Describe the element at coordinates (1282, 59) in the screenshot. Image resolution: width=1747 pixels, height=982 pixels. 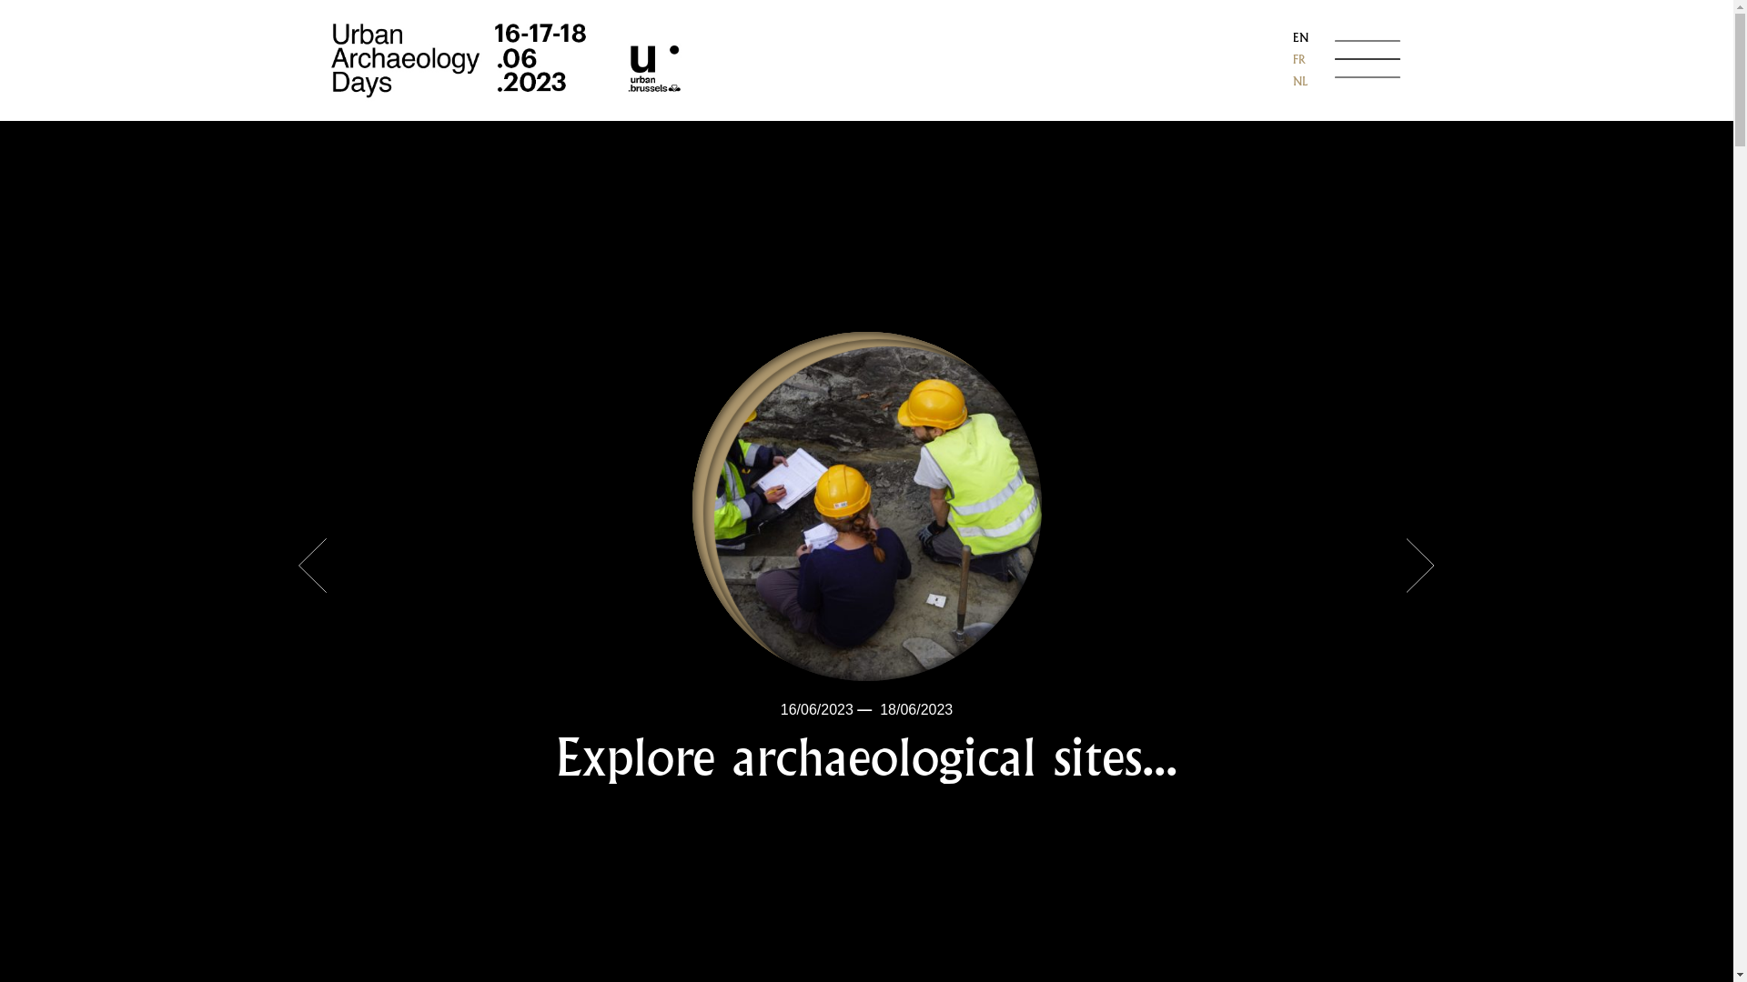
I see `'FR'` at that location.